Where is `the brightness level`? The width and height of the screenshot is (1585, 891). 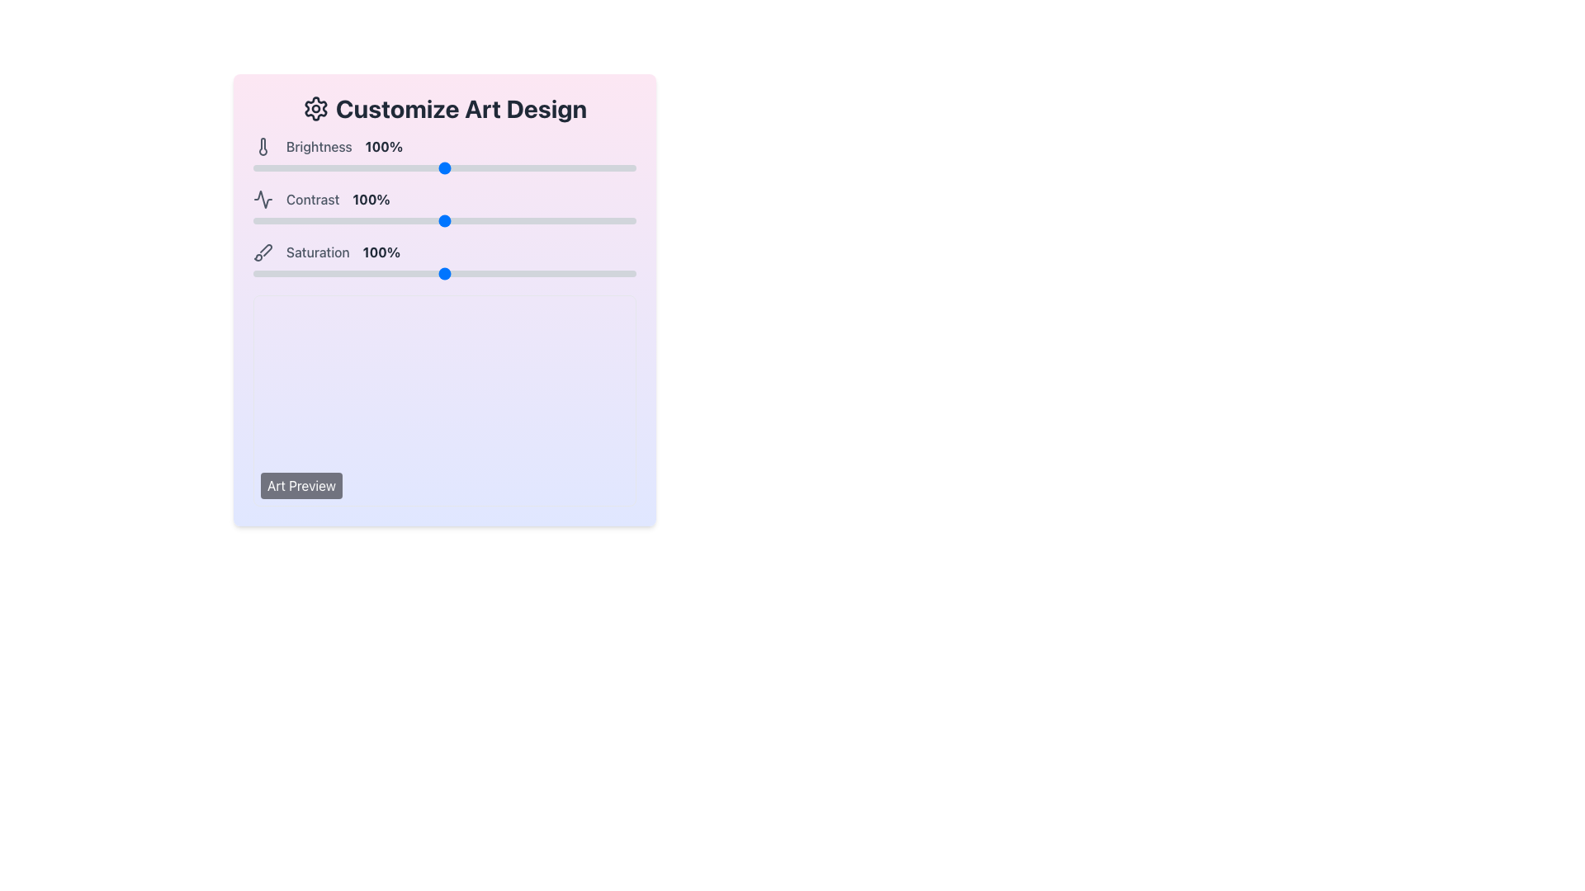 the brightness level is located at coordinates (268, 168).